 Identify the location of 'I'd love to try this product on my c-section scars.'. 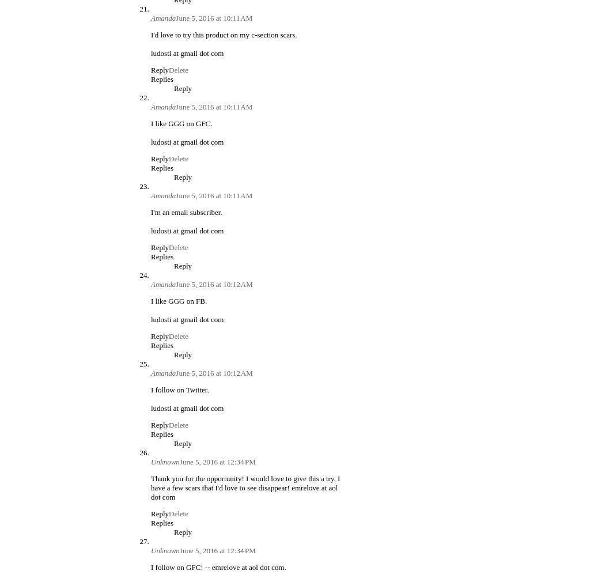
(151, 34).